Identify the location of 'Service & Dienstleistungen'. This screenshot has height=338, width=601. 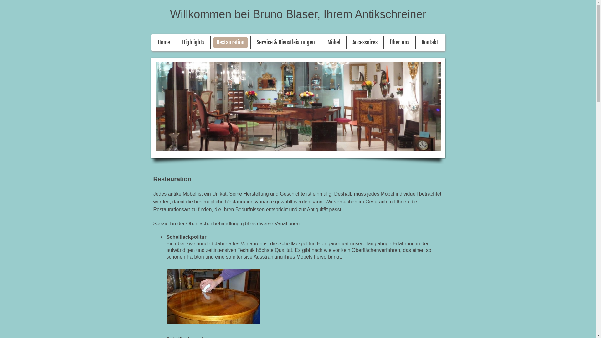
(254, 42).